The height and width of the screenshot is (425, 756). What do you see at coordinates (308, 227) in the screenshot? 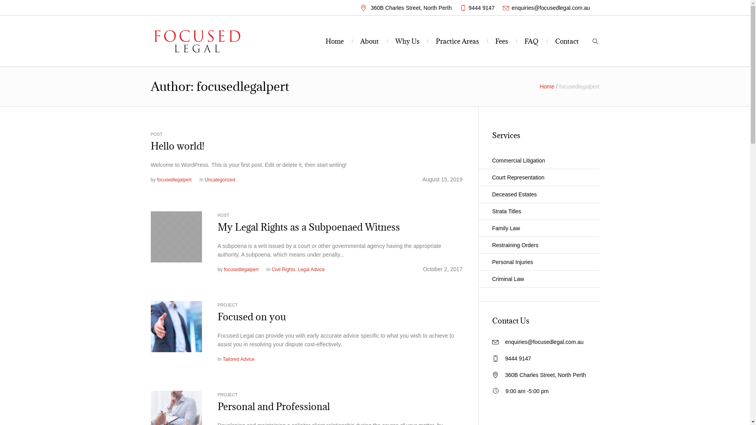
I see `'My Legal Rights as a Subpoenaed Witness'` at bounding box center [308, 227].